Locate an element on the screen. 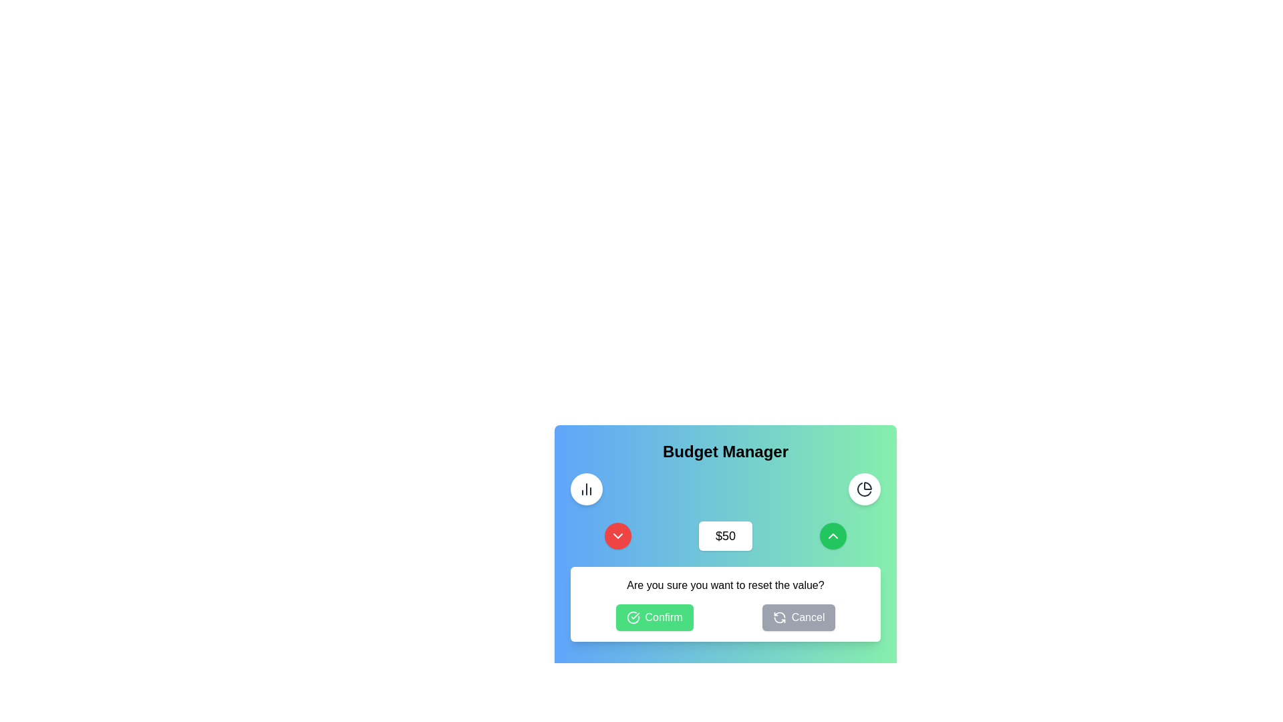  the increment button located in the Control group below the 'Budget Manager' title to increase the displayed value is located at coordinates (724, 535).